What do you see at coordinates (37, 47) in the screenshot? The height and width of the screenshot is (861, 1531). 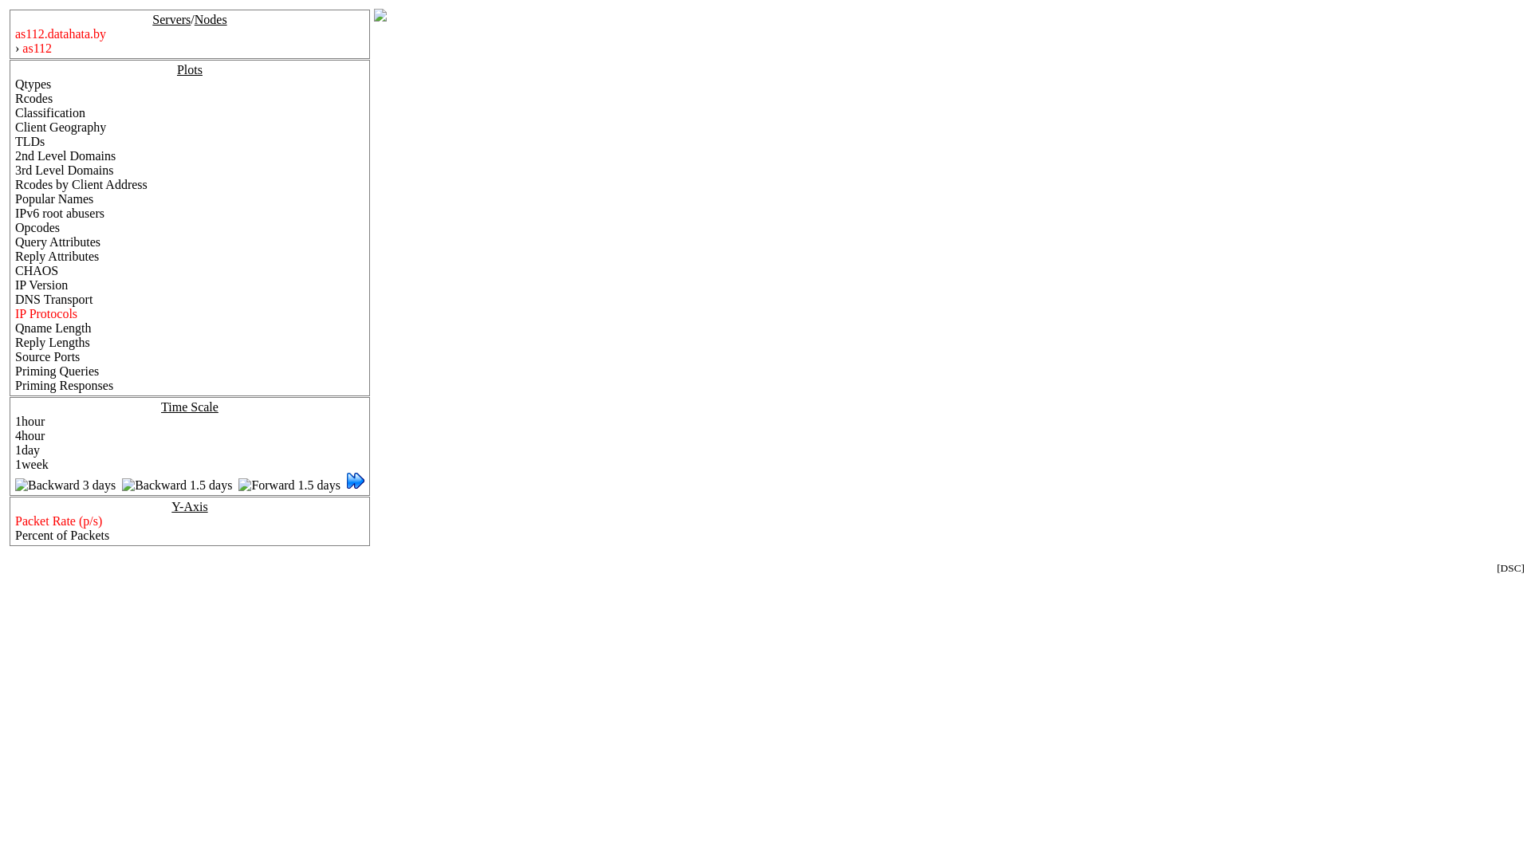 I see `'as112'` at bounding box center [37, 47].